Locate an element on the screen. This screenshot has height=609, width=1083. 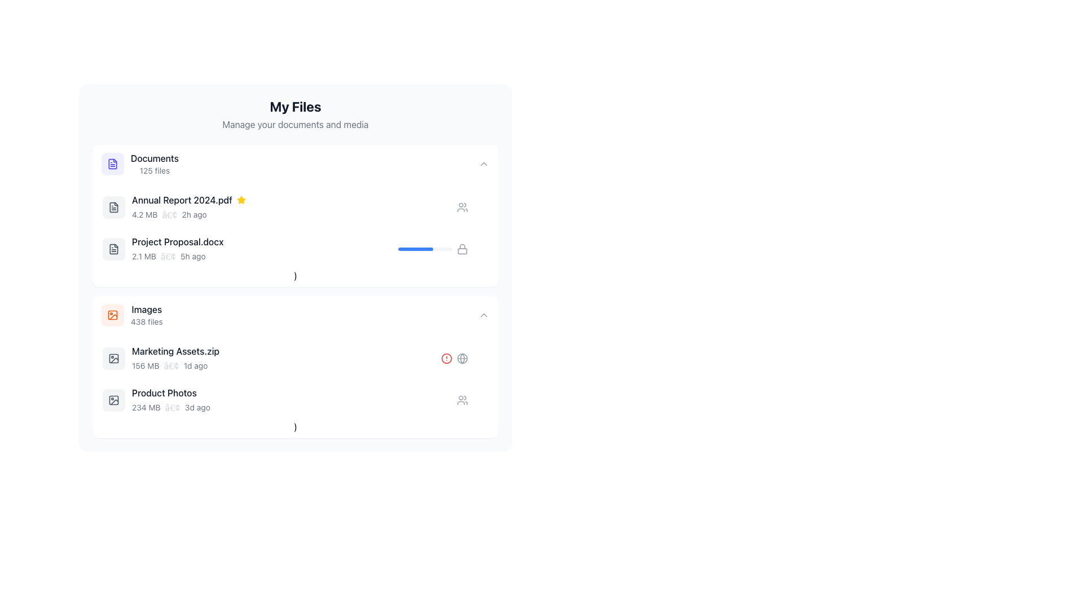
the document icon representing 'Annual Report 2024.pdf' is located at coordinates (113, 207).